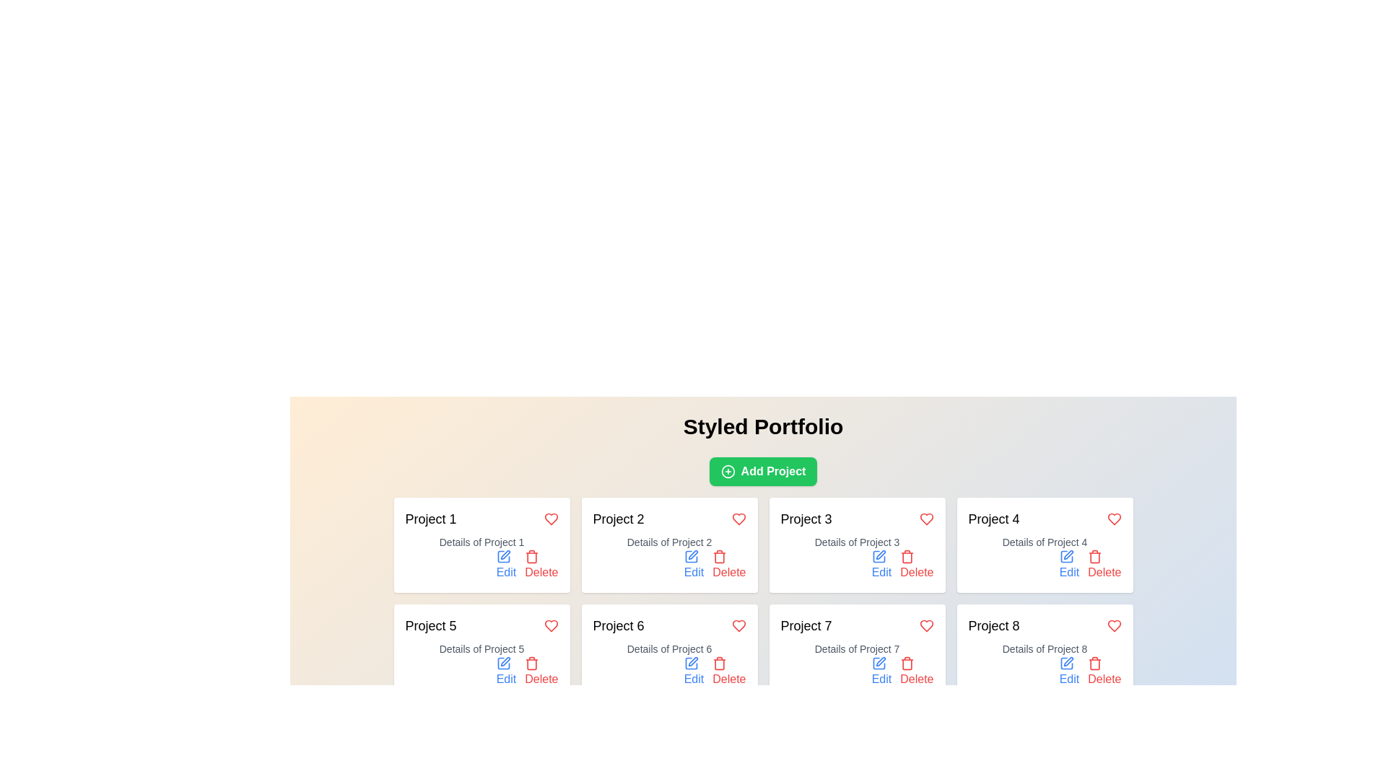 The width and height of the screenshot is (1386, 779). Describe the element at coordinates (668, 648) in the screenshot. I see `the text block displaying 'Details of Project 6', which is positioned below the 'Project 6' title and above the action links in the sixth card of a 4x2 grid layout` at that location.